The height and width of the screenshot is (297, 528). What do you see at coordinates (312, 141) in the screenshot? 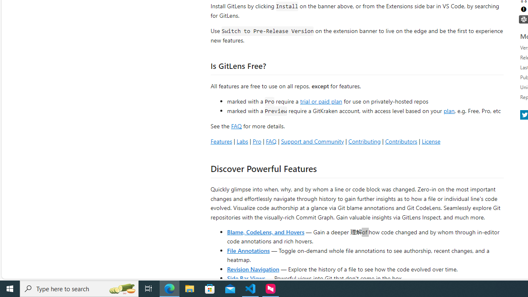
I see `'Support and Community'` at bounding box center [312, 141].